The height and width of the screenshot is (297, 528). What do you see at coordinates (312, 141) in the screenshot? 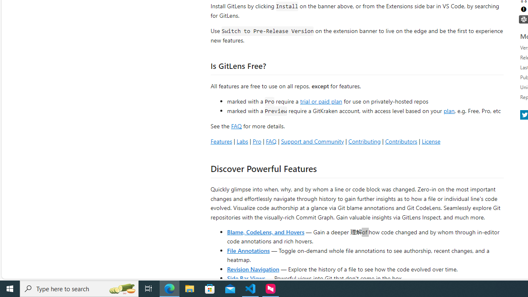
I see `'Support and Community'` at bounding box center [312, 141].